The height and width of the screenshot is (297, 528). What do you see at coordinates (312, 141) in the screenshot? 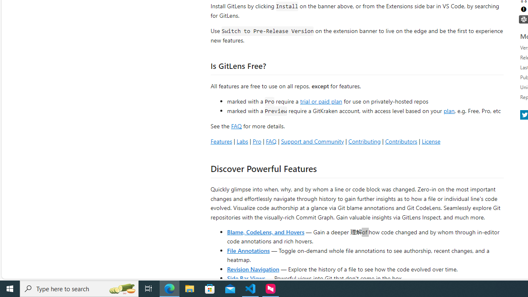
I see `'Support and Community'` at bounding box center [312, 141].